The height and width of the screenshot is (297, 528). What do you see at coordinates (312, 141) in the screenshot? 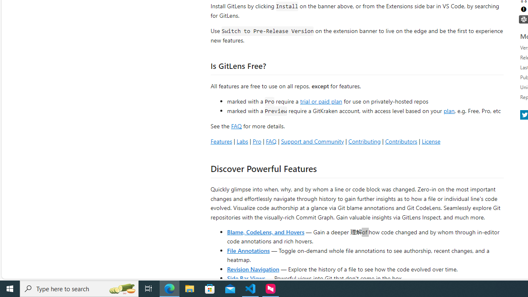
I see `'Support and Community'` at bounding box center [312, 141].